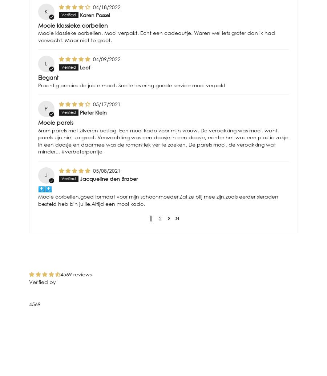  I want to click on 'Verified by', so click(29, 282).